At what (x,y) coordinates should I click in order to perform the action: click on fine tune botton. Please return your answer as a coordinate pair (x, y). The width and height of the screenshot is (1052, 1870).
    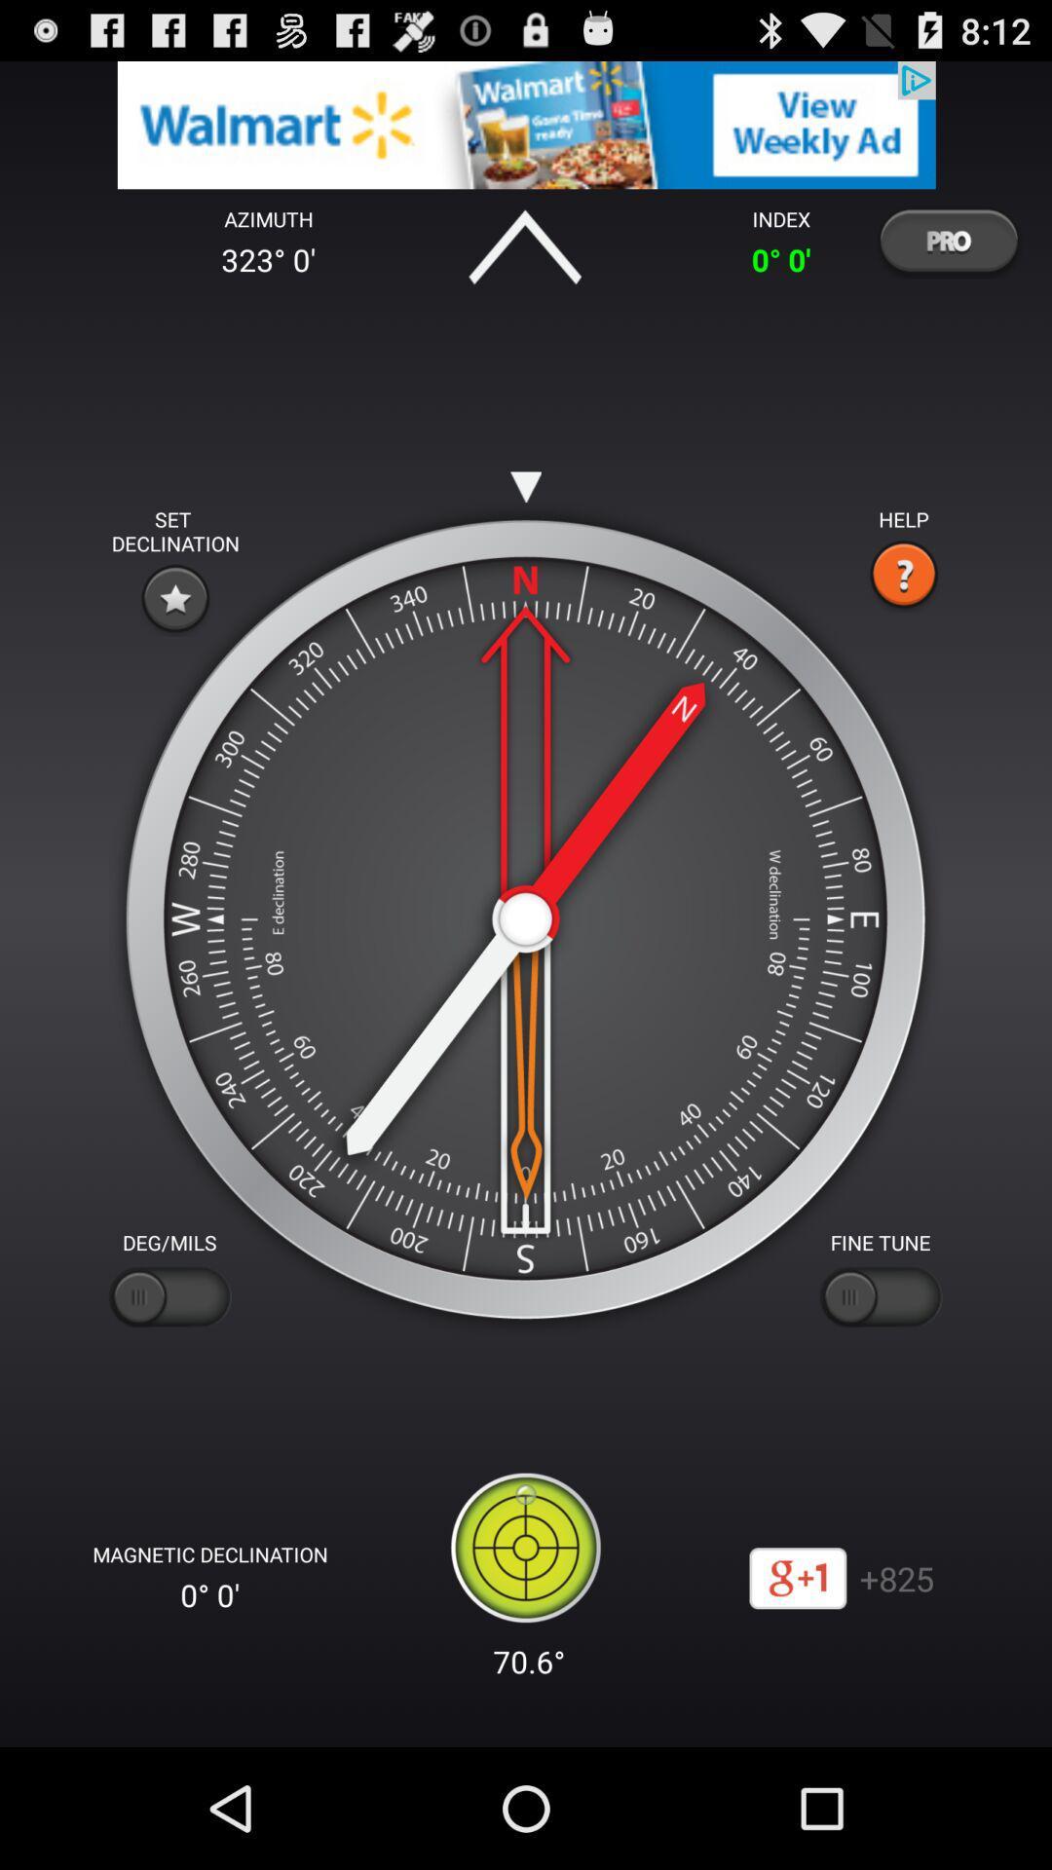
    Looking at the image, I should click on (881, 1297).